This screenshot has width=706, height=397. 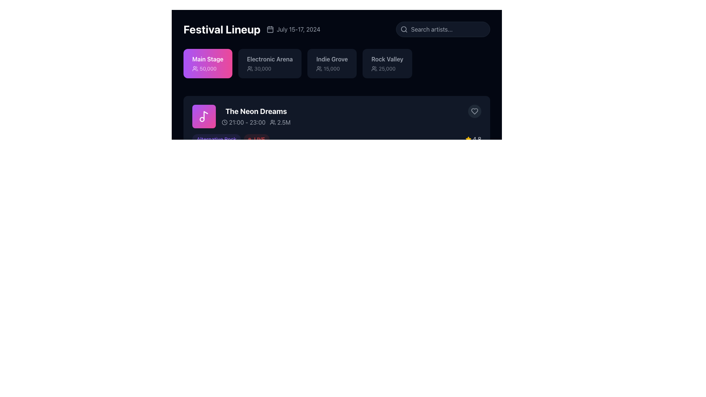 What do you see at coordinates (298, 29) in the screenshot?
I see `the static text label displaying the date 'July 15-17, 2024', which is positioned beside a calendar icon on a dark background` at bounding box center [298, 29].